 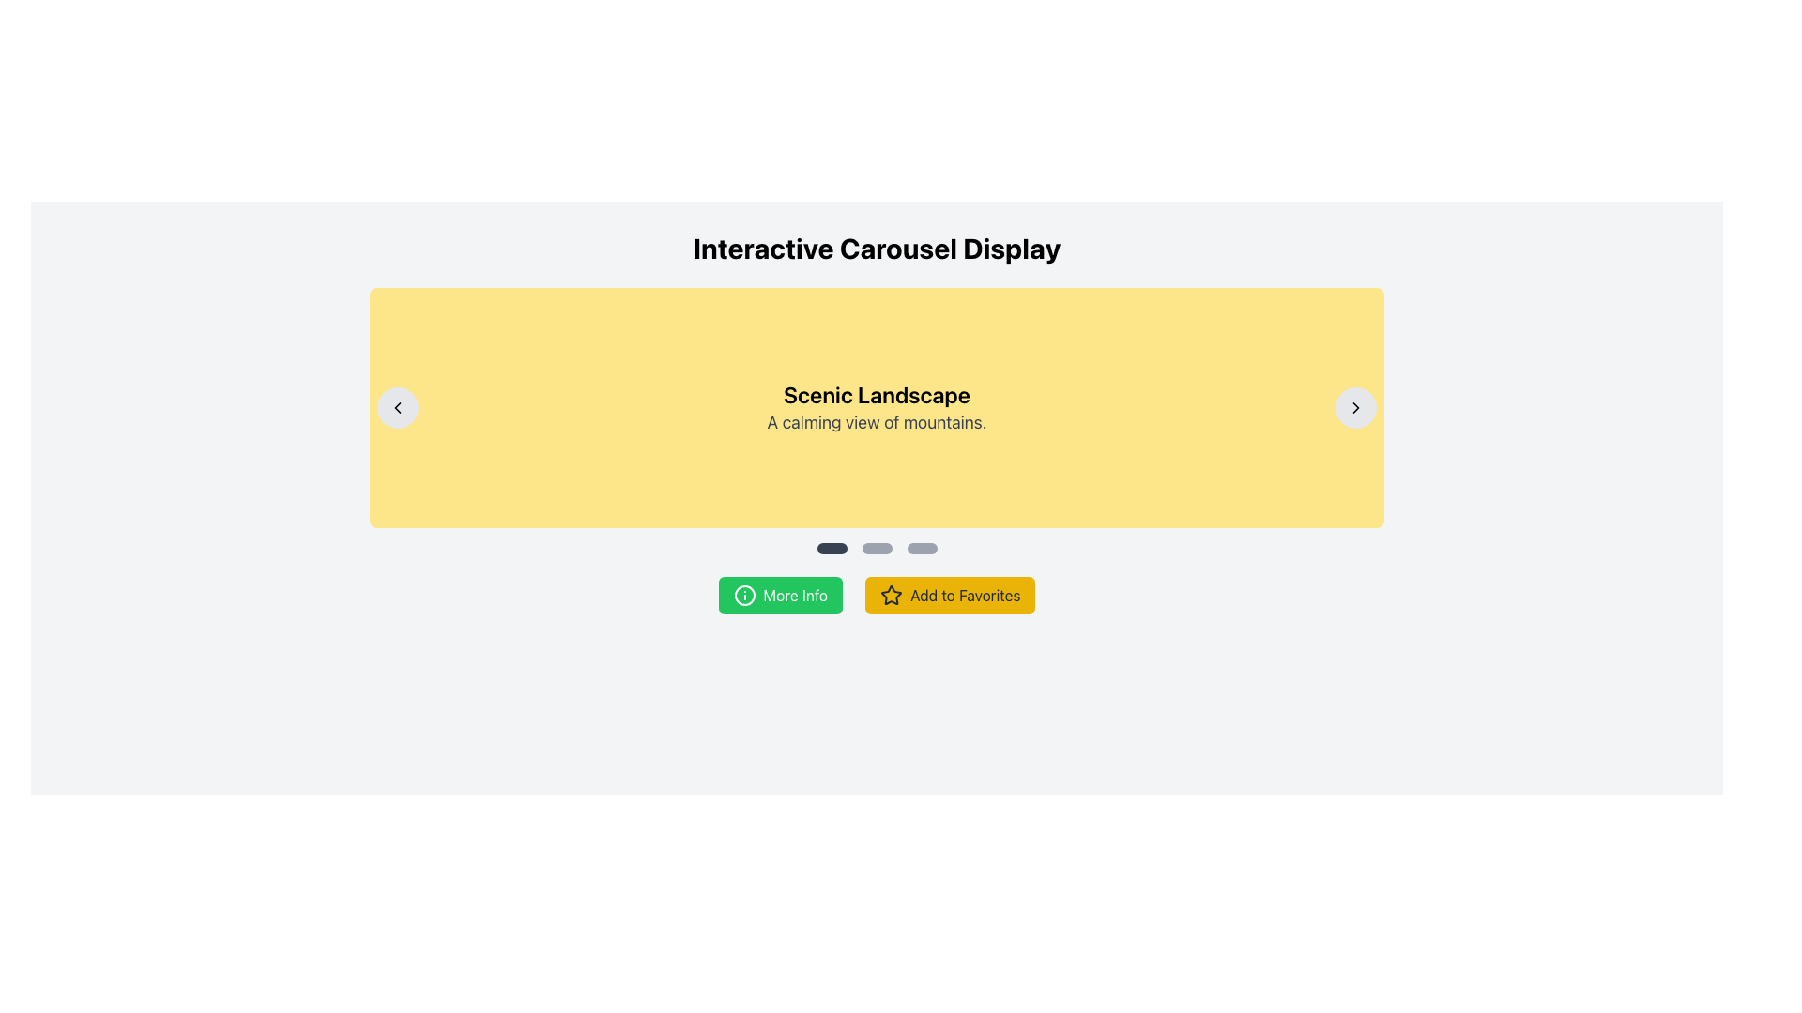 What do you see at coordinates (780, 596) in the screenshot?
I see `the 'More Info' button, which is a green rectangular button with rounded corners, featuring a white 'More Info' text and an information icon to indicate interactivity` at bounding box center [780, 596].